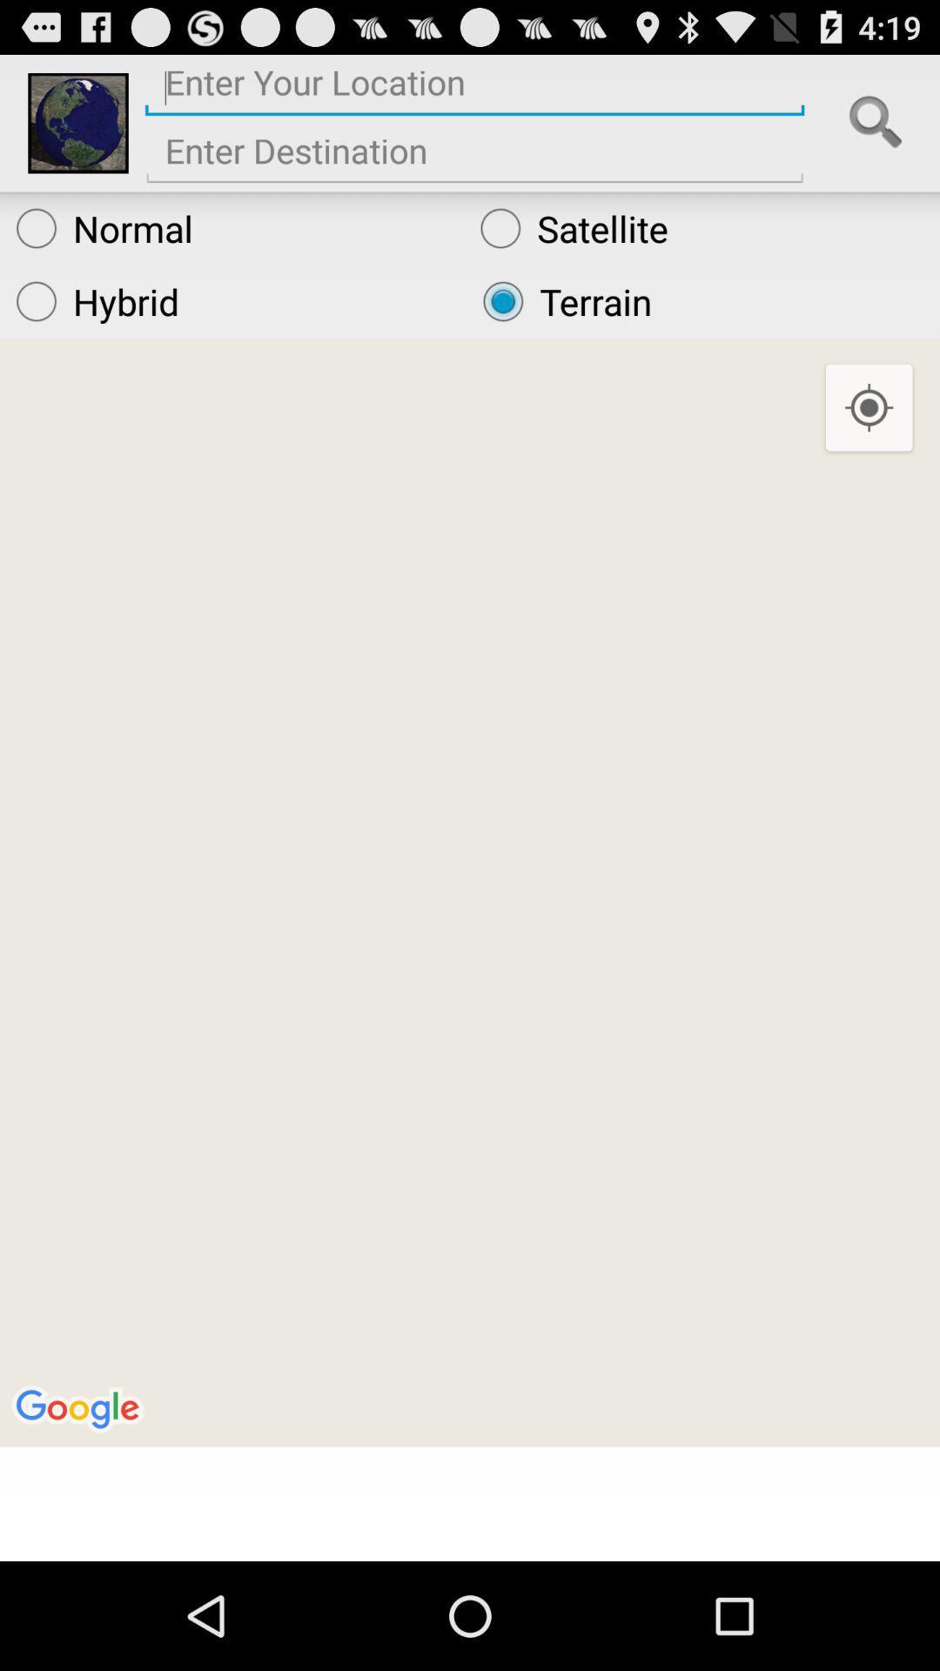 This screenshot has height=1671, width=940. I want to click on the location_crosshair icon, so click(869, 437).